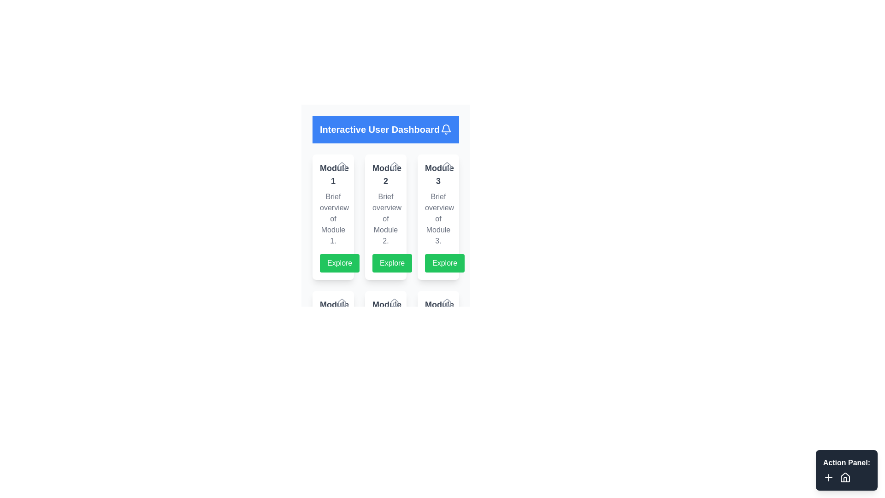 The height and width of the screenshot is (498, 885). I want to click on the circular '+' button located at the bottom-right of the interface, positioned closely to the left of the house-shaped icon, so click(828, 477).